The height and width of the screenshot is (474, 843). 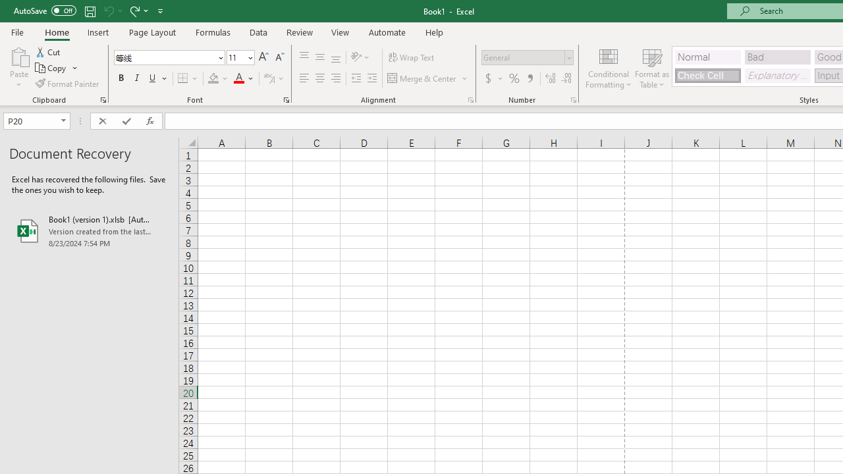 What do you see at coordinates (218, 78) in the screenshot?
I see `'Fill Color'` at bounding box center [218, 78].